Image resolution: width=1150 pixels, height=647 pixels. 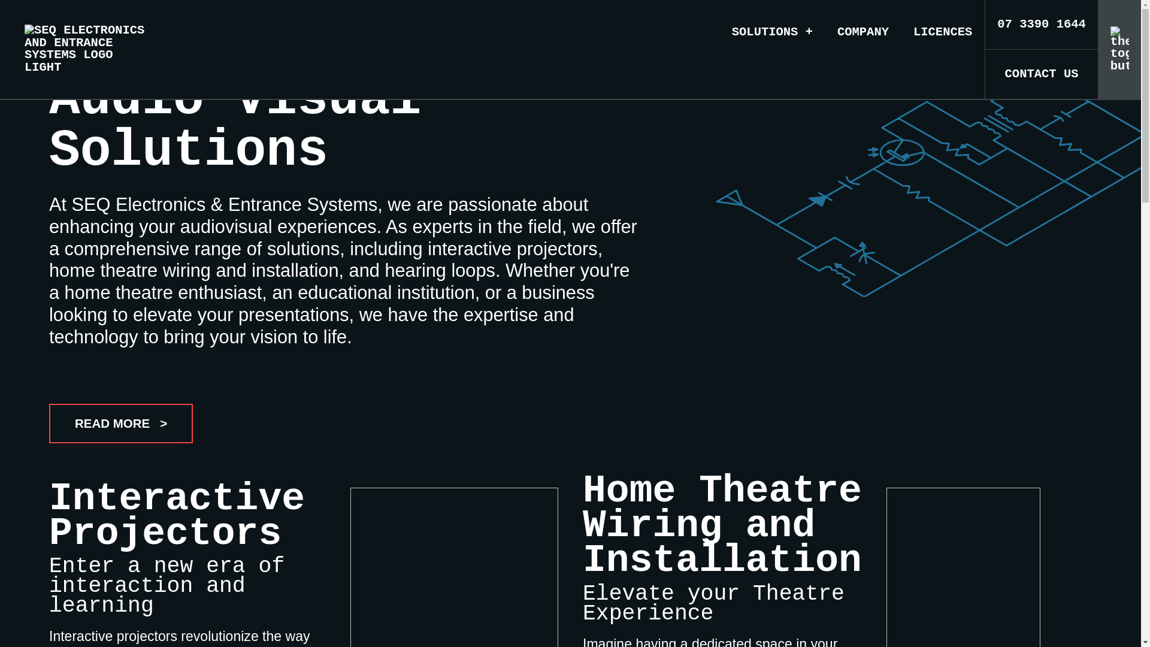 What do you see at coordinates (772, 49) in the screenshot?
I see `'SOLUTIONS +'` at bounding box center [772, 49].